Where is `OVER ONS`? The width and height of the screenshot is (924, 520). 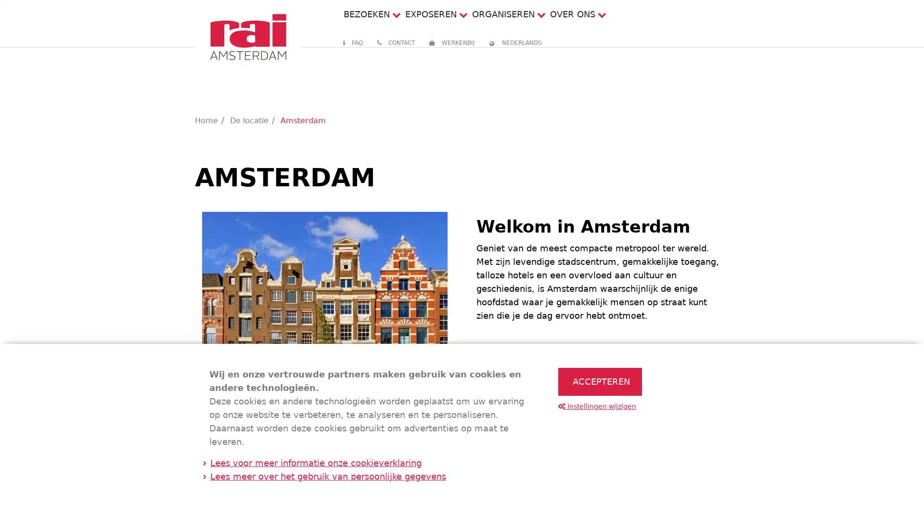 OVER ONS is located at coordinates (572, 14).